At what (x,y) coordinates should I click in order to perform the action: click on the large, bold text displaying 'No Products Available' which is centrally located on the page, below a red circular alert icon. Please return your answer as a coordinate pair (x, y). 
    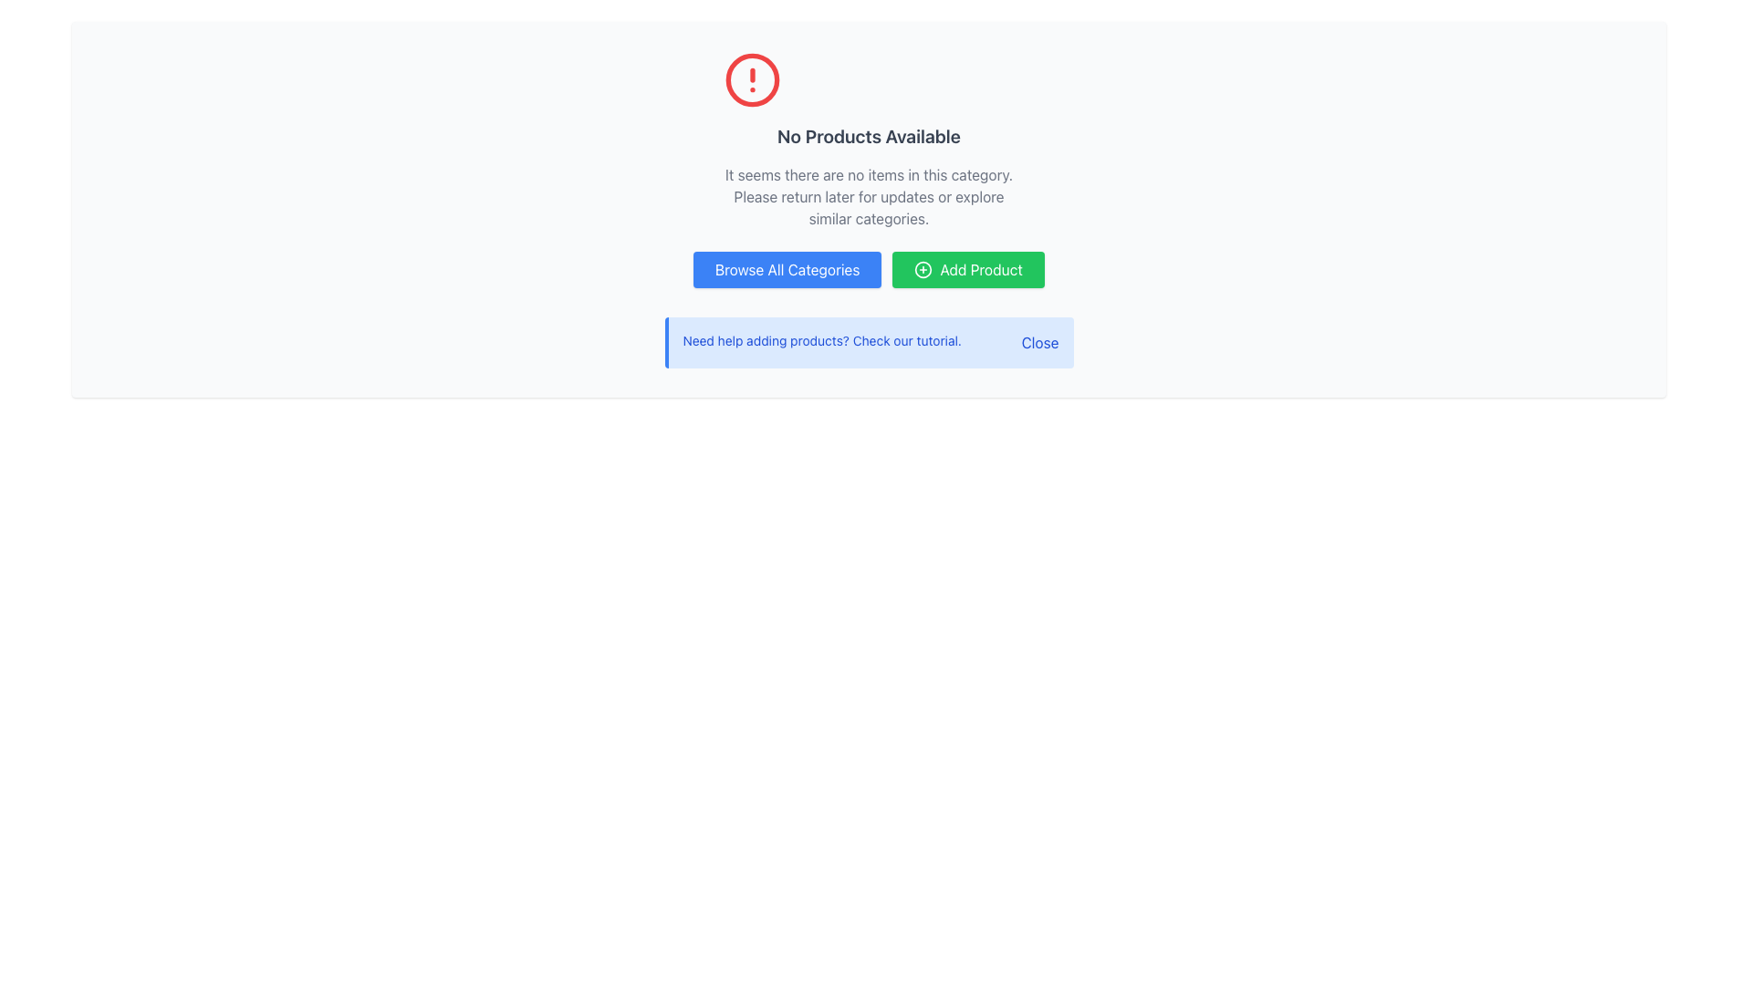
    Looking at the image, I should click on (868, 136).